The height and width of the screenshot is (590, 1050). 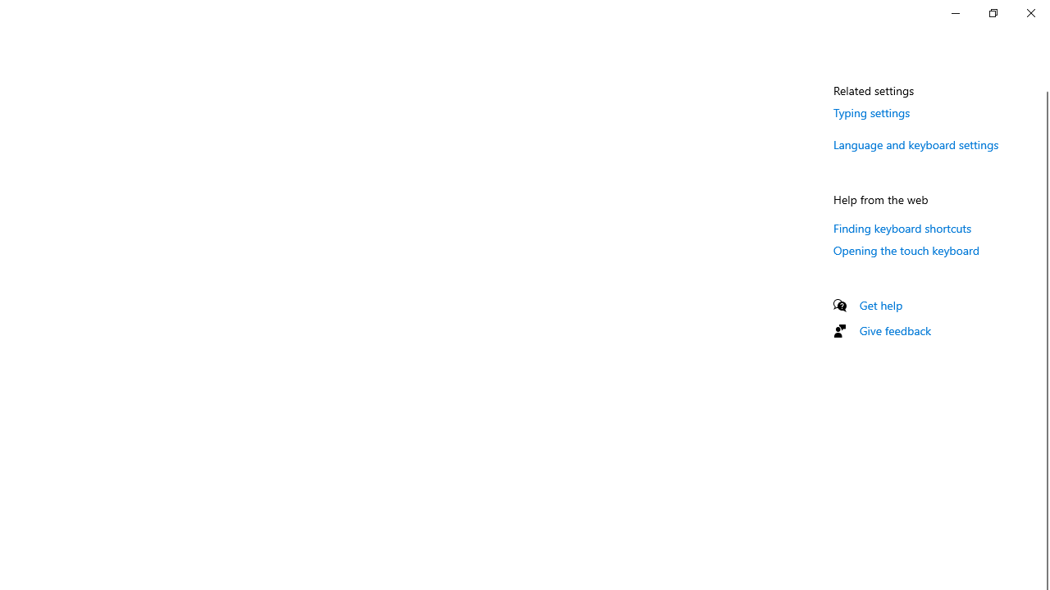 What do you see at coordinates (955, 12) in the screenshot?
I see `'Minimize Settings'` at bounding box center [955, 12].